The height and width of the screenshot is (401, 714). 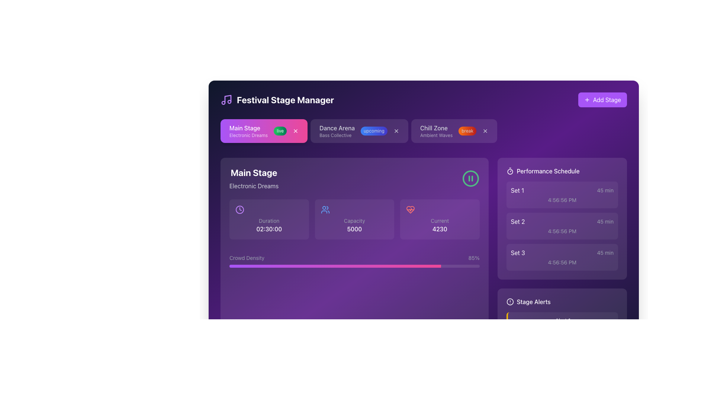 I want to click on the label that describes the capacity of the stage or event, located above the text '5000' and following a small icon representing people, so click(x=354, y=220).